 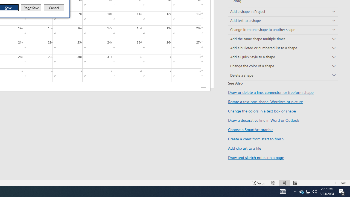 What do you see at coordinates (284, 183) in the screenshot?
I see `'Print Layout'` at bounding box center [284, 183].